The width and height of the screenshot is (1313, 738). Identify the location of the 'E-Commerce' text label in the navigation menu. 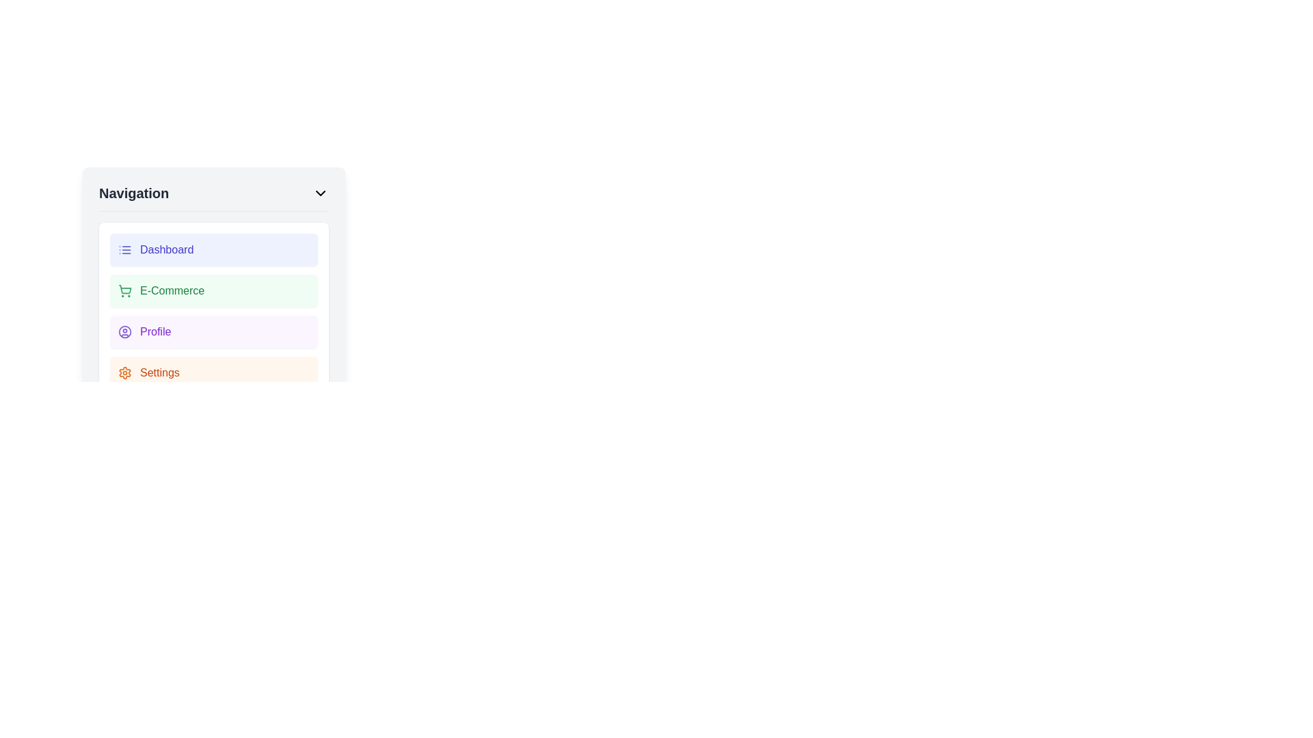
(172, 290).